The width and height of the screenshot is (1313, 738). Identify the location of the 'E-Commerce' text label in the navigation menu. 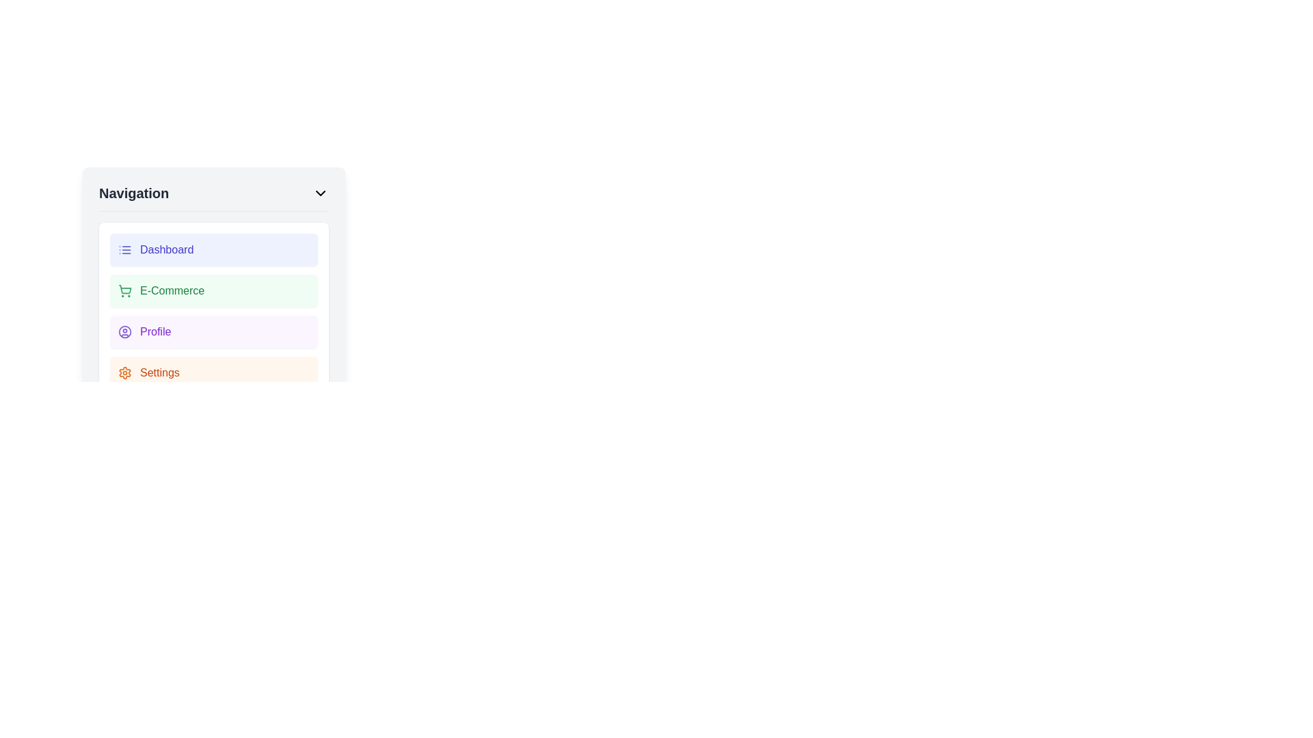
(172, 290).